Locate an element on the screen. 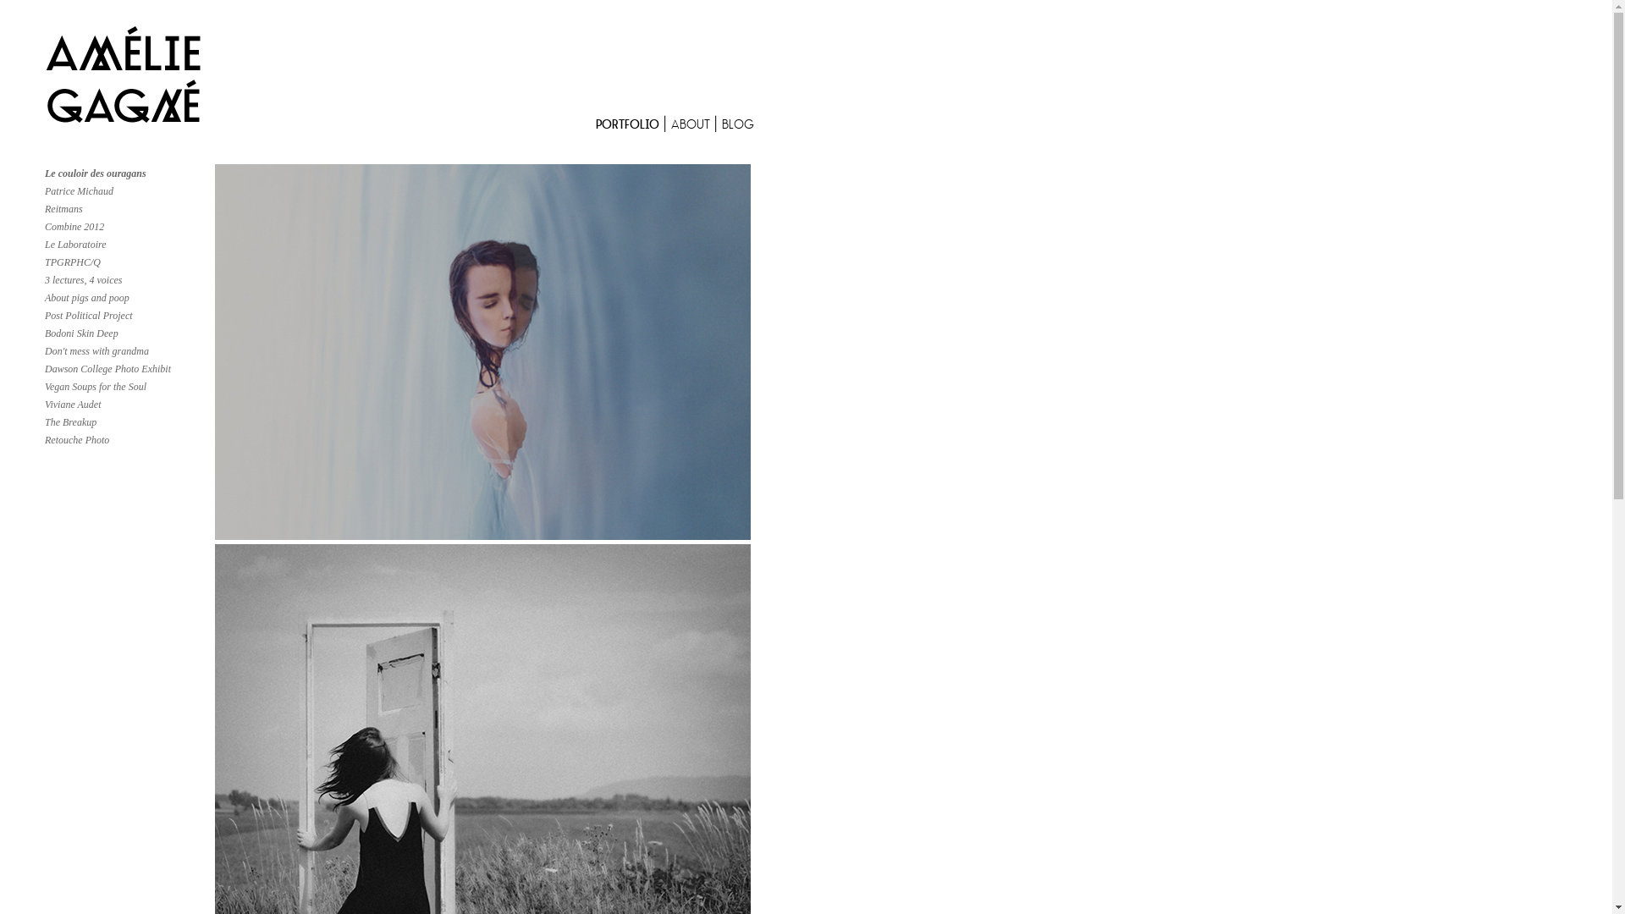 The height and width of the screenshot is (914, 1625). 'Viviane Audet' is located at coordinates (72, 405).